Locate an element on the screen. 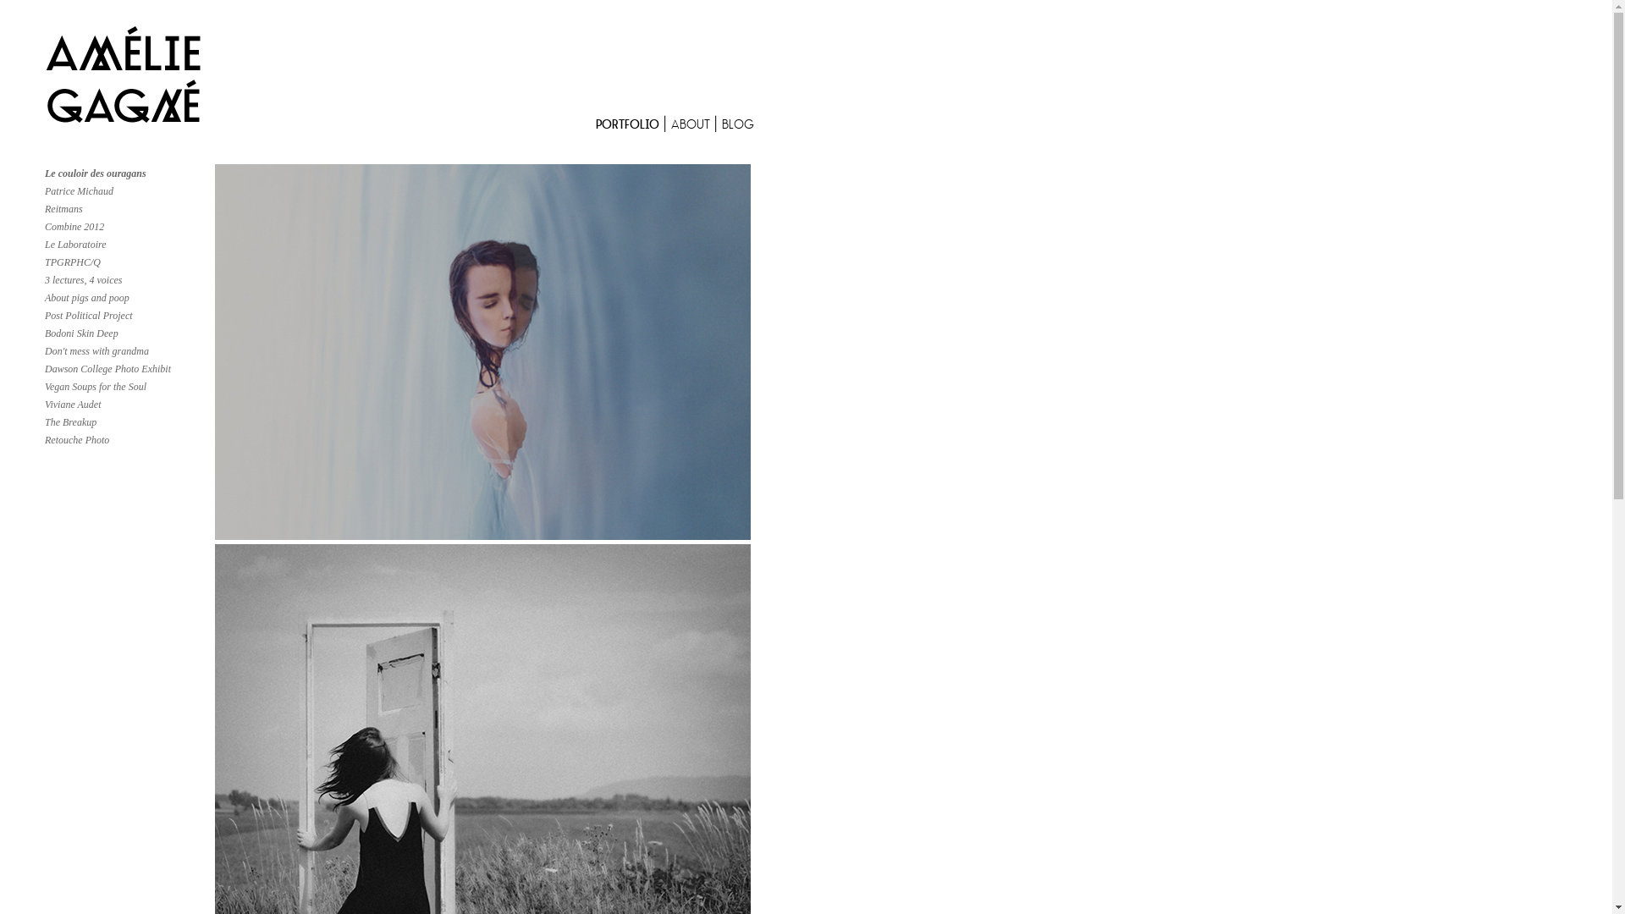 The height and width of the screenshot is (914, 1625). 'Viviane Audet' is located at coordinates (72, 405).